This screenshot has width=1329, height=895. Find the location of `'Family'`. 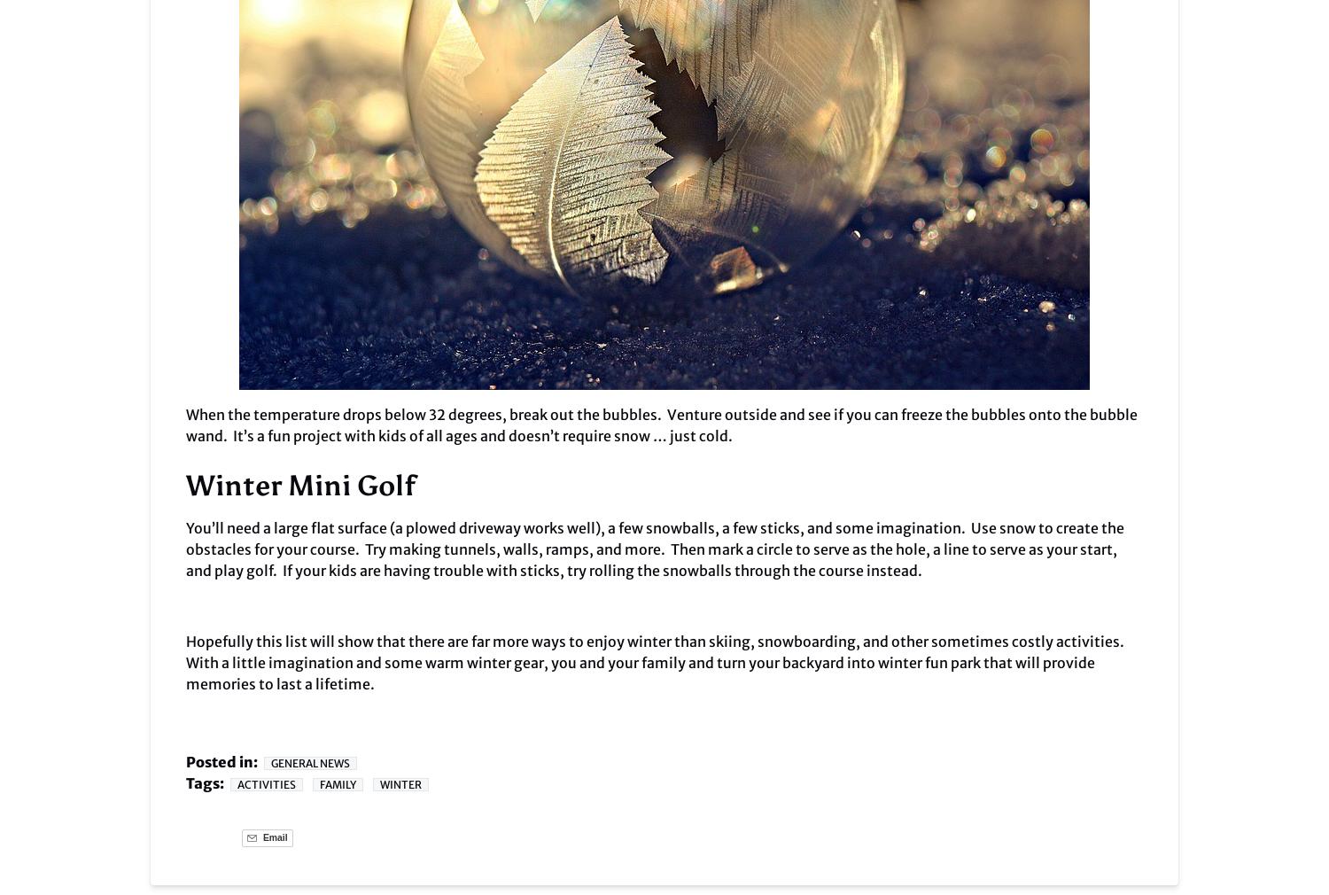

'Family' is located at coordinates (338, 784).